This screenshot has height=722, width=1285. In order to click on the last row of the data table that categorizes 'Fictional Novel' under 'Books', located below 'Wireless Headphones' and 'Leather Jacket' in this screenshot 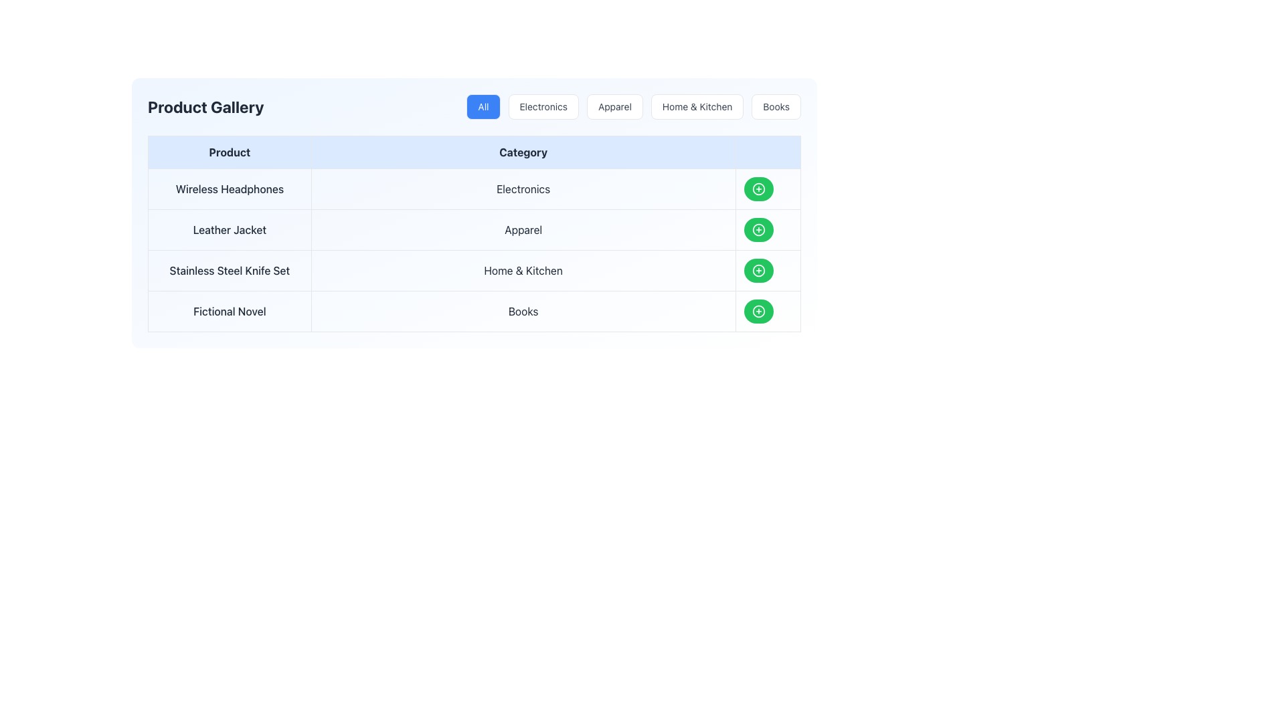, I will do `click(475, 312)`.